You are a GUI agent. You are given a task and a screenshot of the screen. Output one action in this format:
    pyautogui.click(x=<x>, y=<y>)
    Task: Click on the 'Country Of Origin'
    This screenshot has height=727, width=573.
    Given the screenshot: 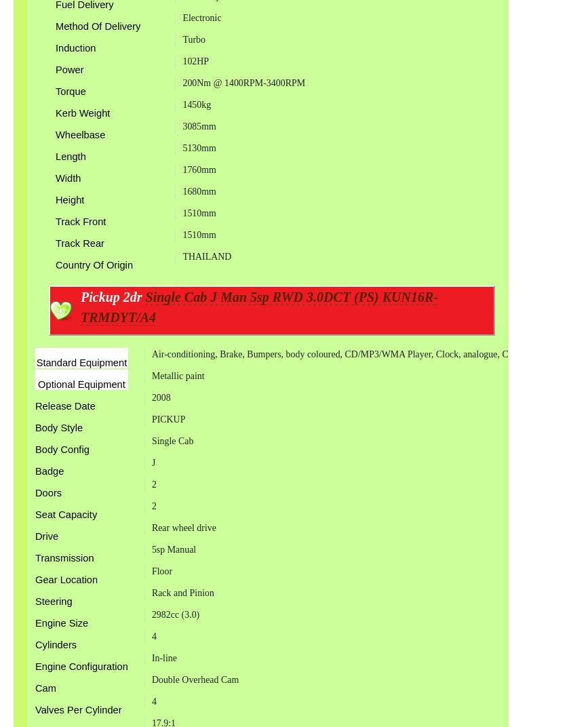 What is the action you would take?
    pyautogui.click(x=94, y=264)
    